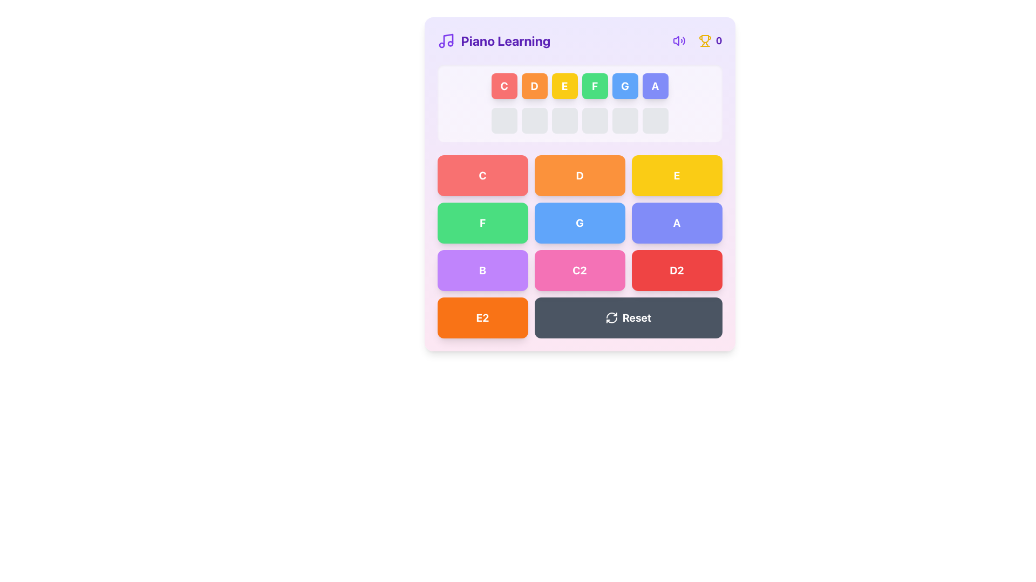 Image resolution: width=1036 pixels, height=582 pixels. Describe the element at coordinates (637, 317) in the screenshot. I see `the Button Label that allows users to reset some state or setting, located in the bottom center of the interface` at that location.